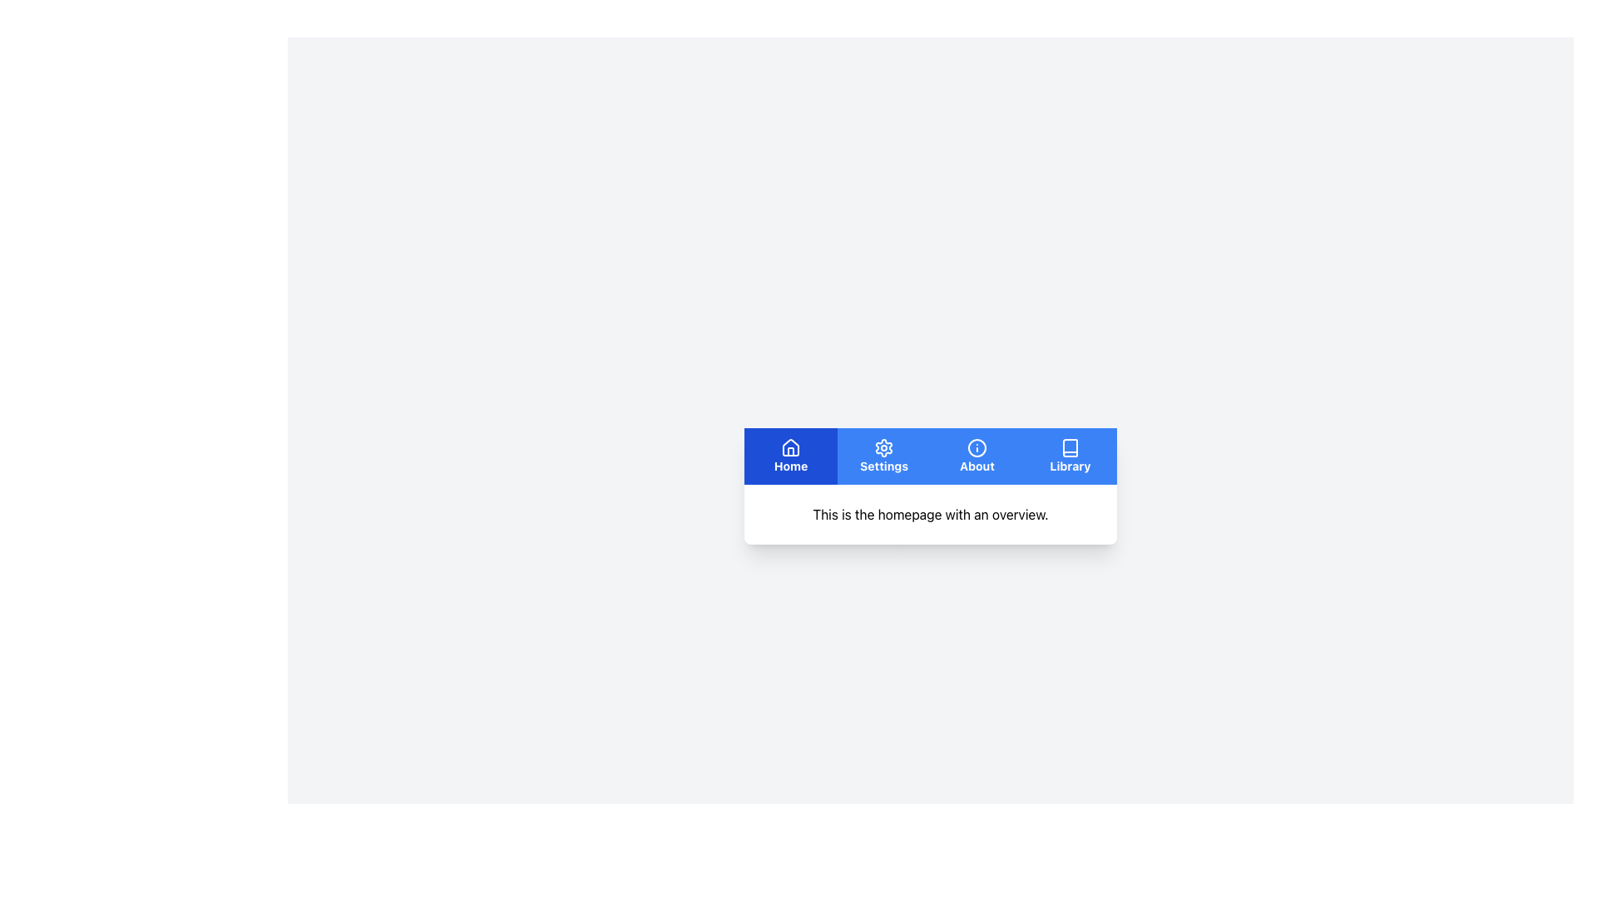 Image resolution: width=1597 pixels, height=898 pixels. What do you see at coordinates (929, 513) in the screenshot?
I see `introductory description located in the static text block directly beneath the navigation bar on the homepage` at bounding box center [929, 513].